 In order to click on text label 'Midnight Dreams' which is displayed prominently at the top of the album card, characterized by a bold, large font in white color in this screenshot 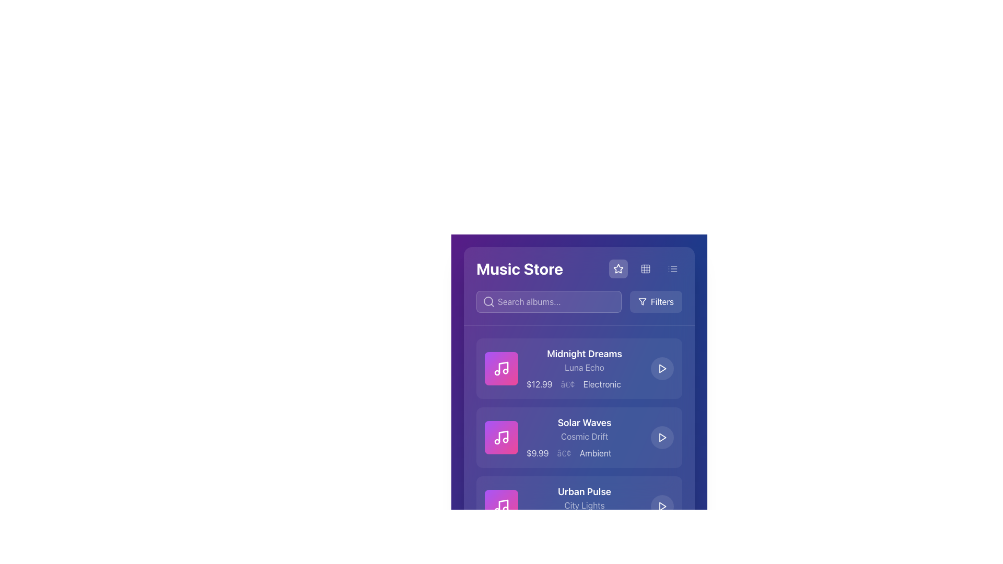, I will do `click(584, 354)`.